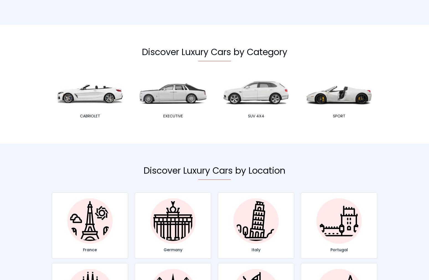 This screenshot has height=280, width=429. What do you see at coordinates (89, 115) in the screenshot?
I see `'Cabriolet'` at bounding box center [89, 115].